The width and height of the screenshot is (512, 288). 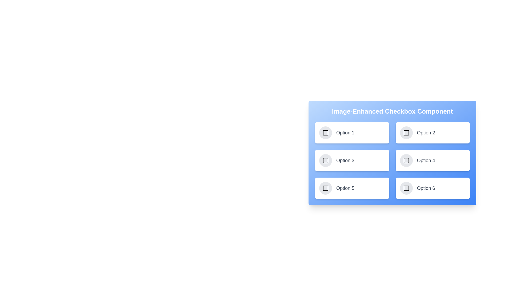 I want to click on the checkbox corresponding to 6, so click(x=406, y=188).